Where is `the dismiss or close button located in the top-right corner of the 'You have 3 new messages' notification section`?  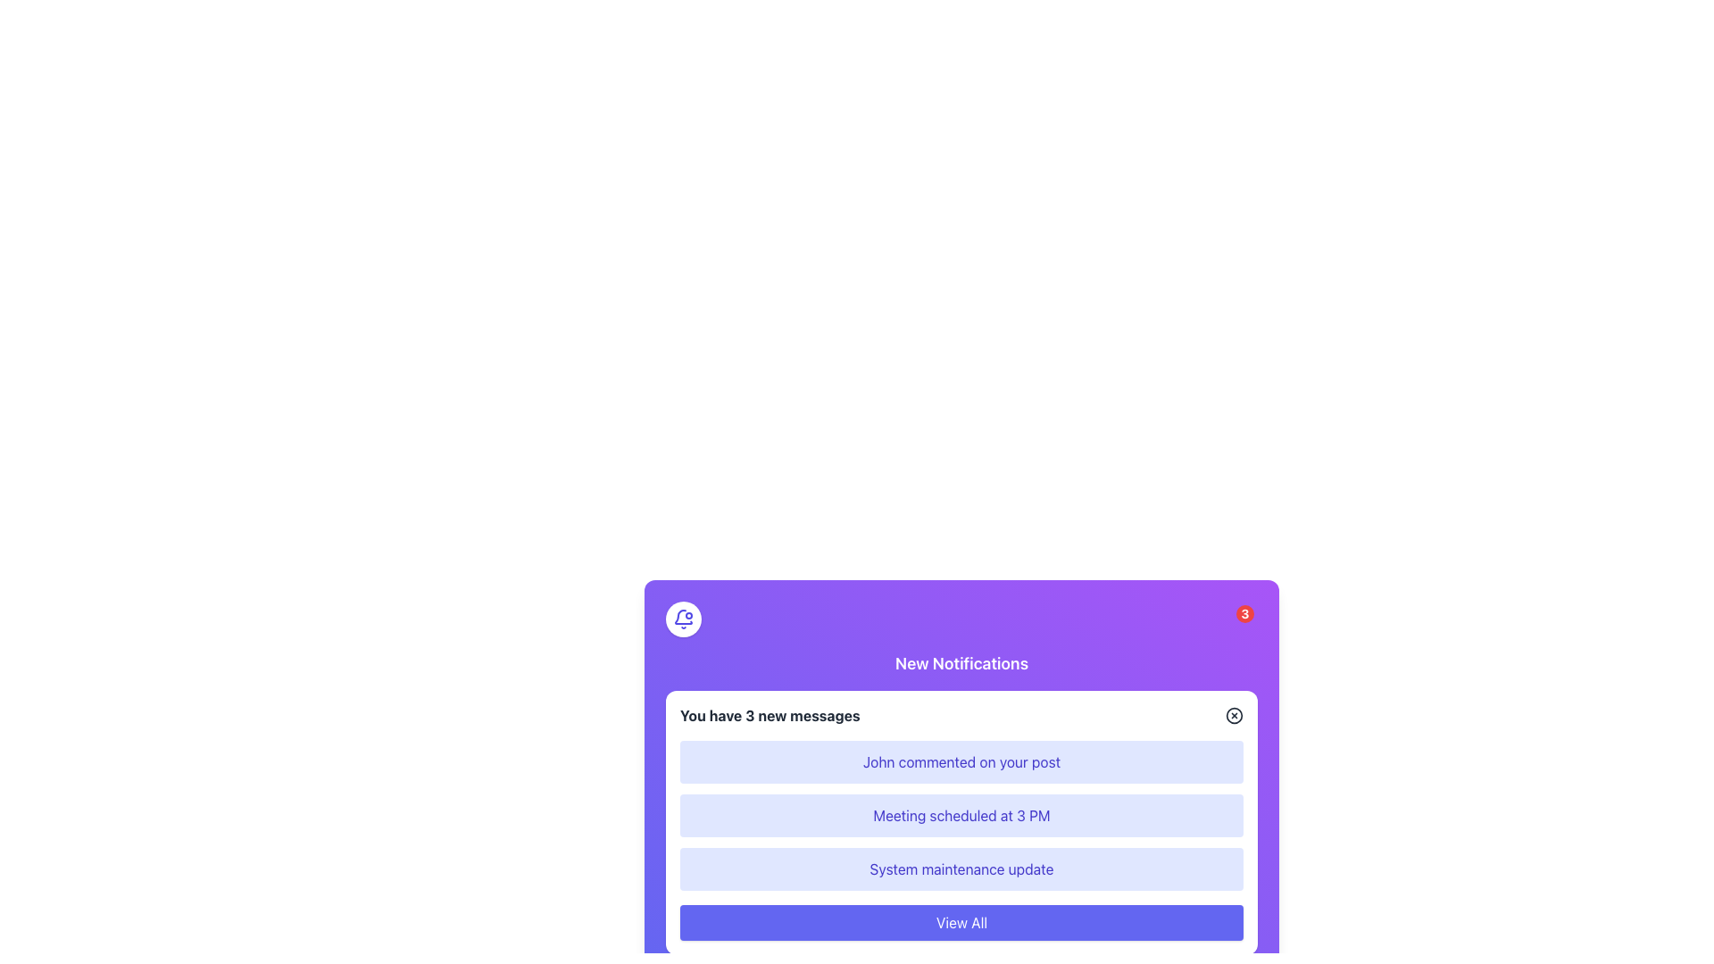
the dismiss or close button located in the top-right corner of the 'You have 3 new messages' notification section is located at coordinates (1233, 715).